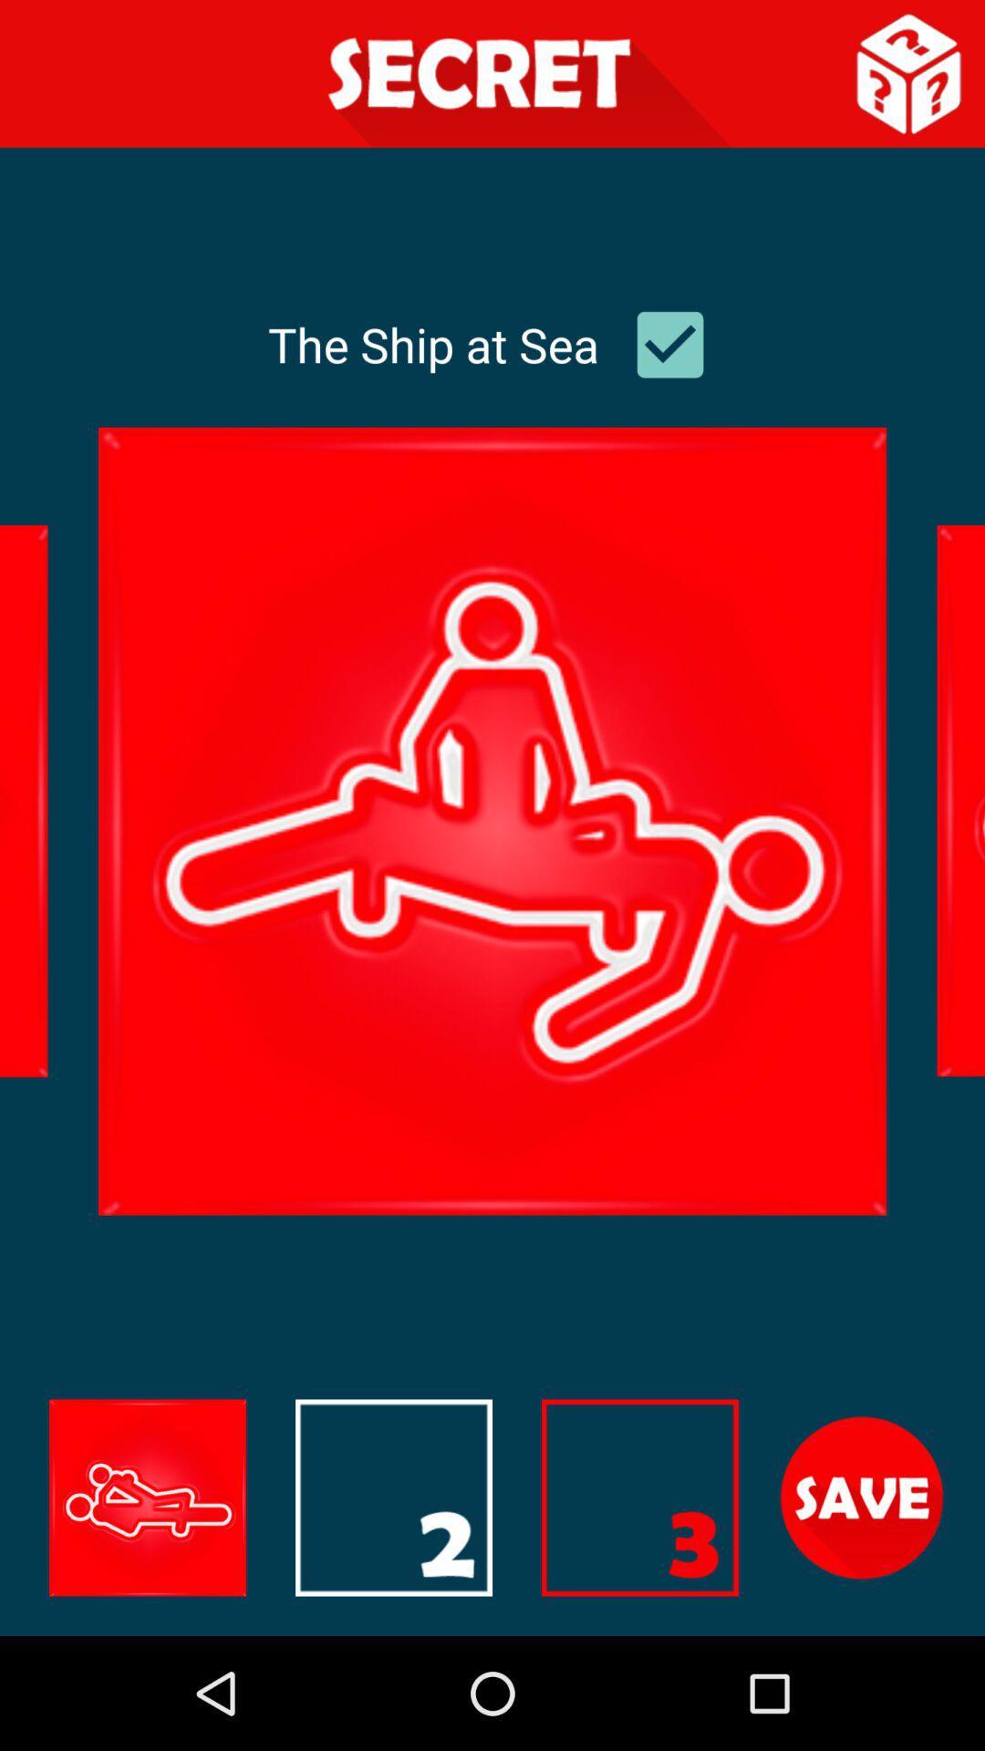  What do you see at coordinates (862, 1497) in the screenshot?
I see `click save` at bounding box center [862, 1497].